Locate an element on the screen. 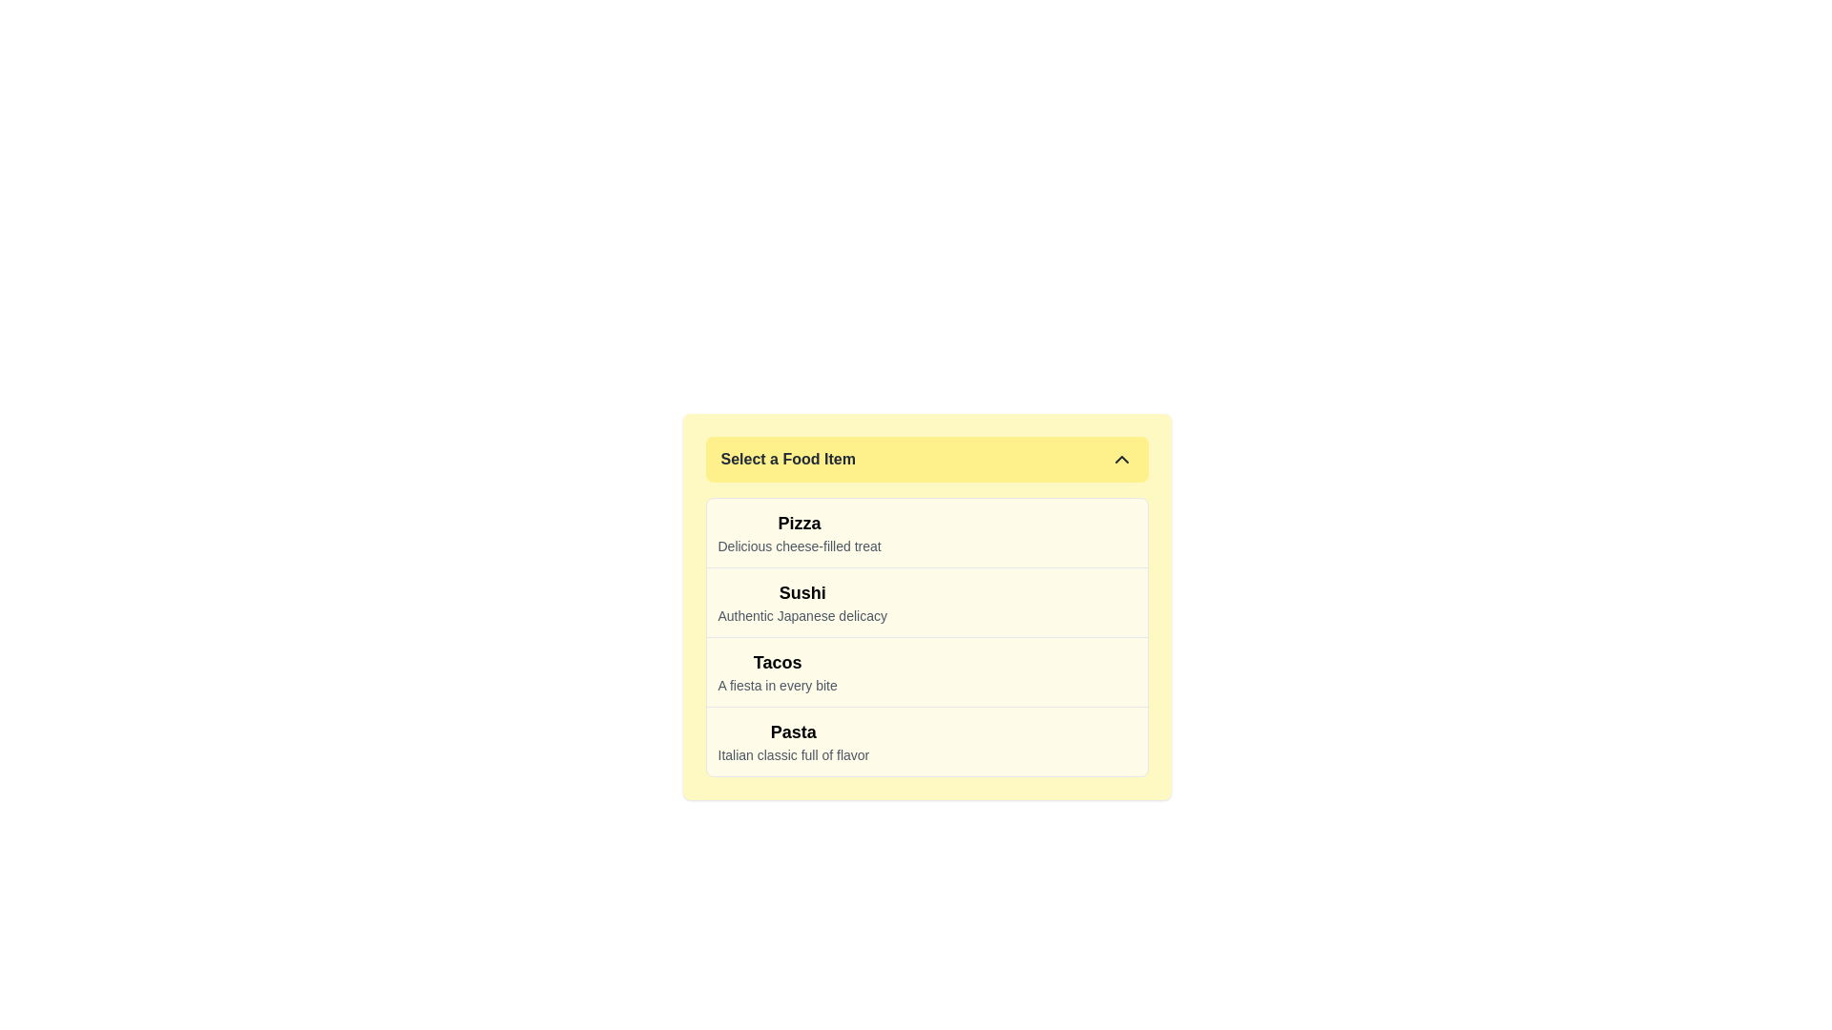  the icon button located in the top-right corner of the yellow header bar labeled 'Select a Food Item' is located at coordinates (1121, 460).